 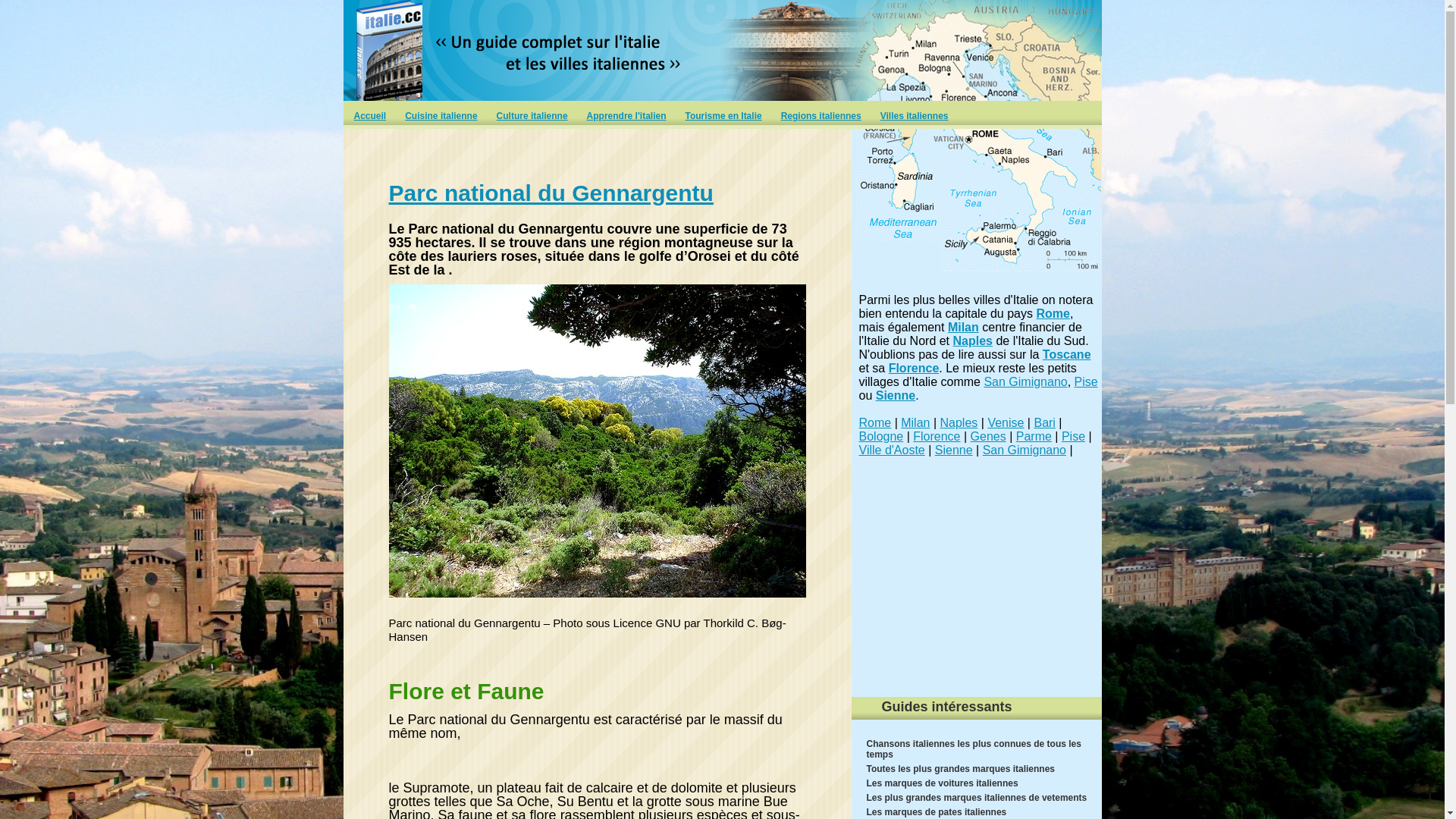 I want to click on 'Les marques de pates italiennes', so click(x=866, y=811).